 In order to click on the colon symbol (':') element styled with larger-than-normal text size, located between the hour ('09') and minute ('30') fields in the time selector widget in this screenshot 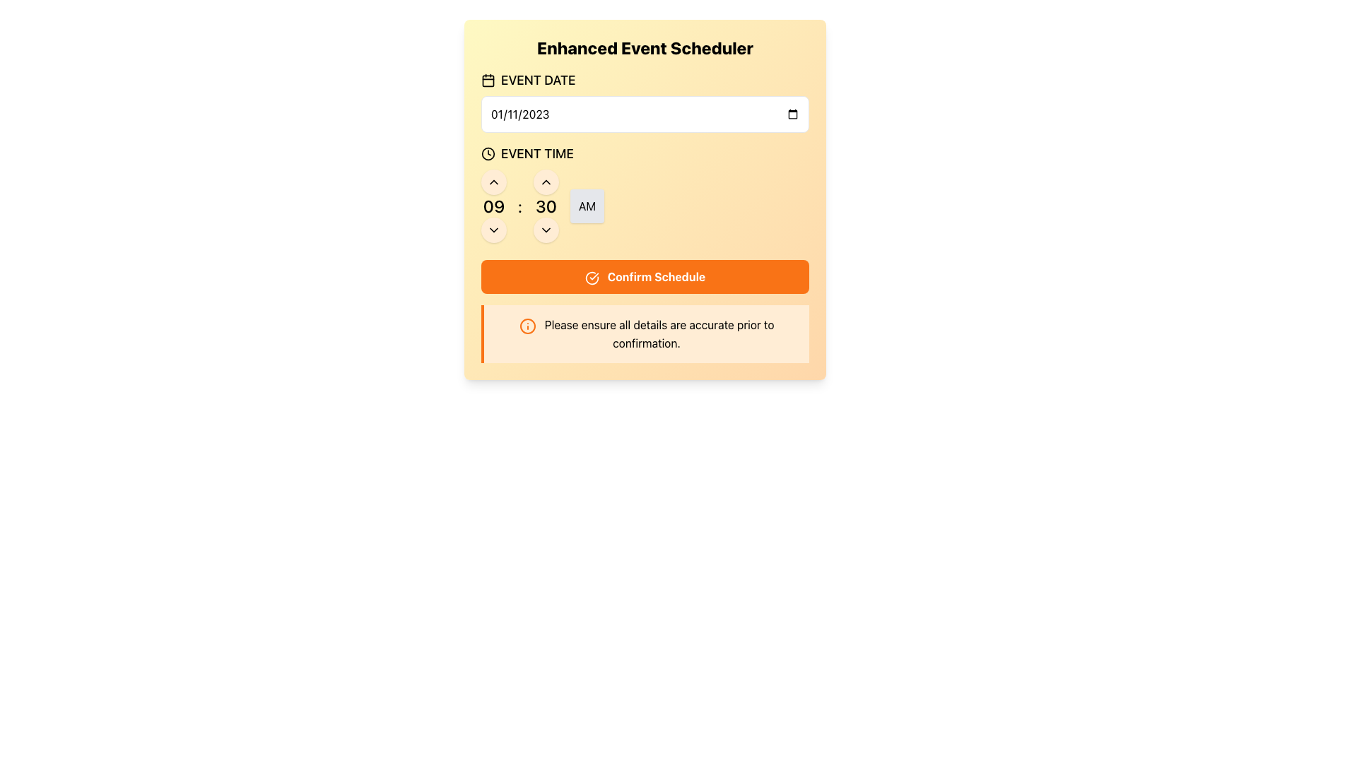, I will do `click(519, 206)`.